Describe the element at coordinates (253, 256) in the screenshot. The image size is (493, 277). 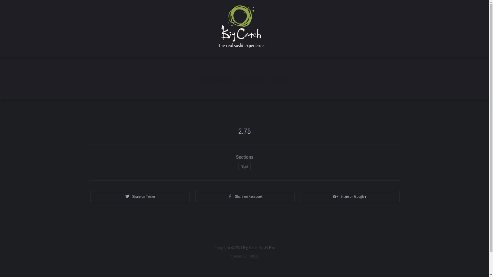
I see `'FORQY'` at that location.